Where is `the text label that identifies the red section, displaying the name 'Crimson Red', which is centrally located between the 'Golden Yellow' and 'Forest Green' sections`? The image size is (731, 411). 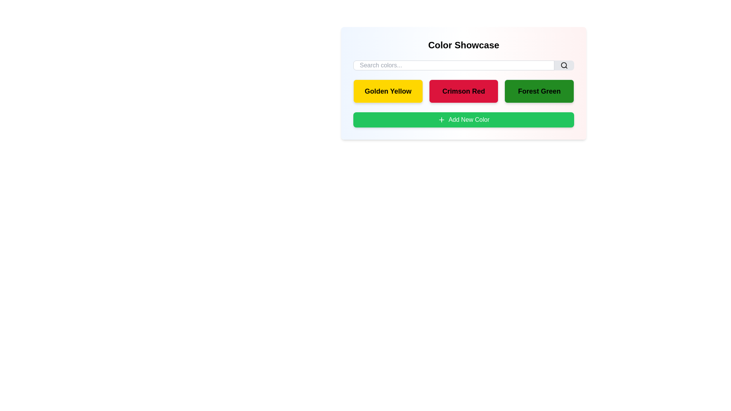
the text label that identifies the red section, displaying the name 'Crimson Red', which is centrally located between the 'Golden Yellow' and 'Forest Green' sections is located at coordinates (463, 91).